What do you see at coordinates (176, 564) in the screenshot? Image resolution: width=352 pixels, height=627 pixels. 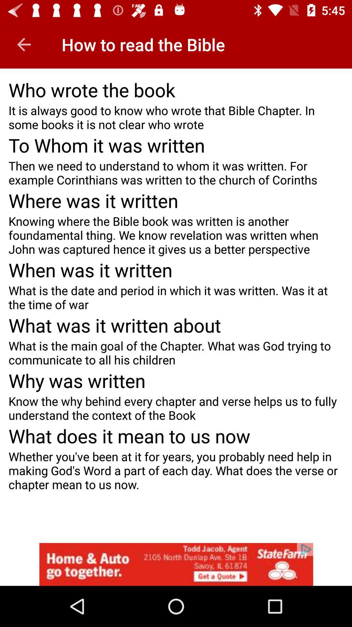 I see `share the article` at bounding box center [176, 564].